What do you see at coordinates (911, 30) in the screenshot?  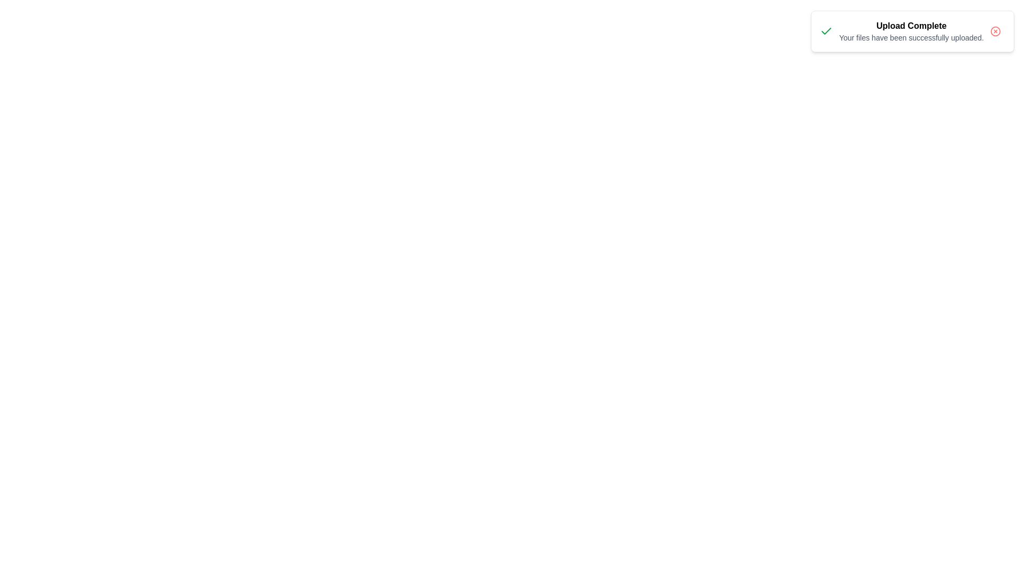 I see `the center of the notification panel to focus on it` at bounding box center [911, 30].